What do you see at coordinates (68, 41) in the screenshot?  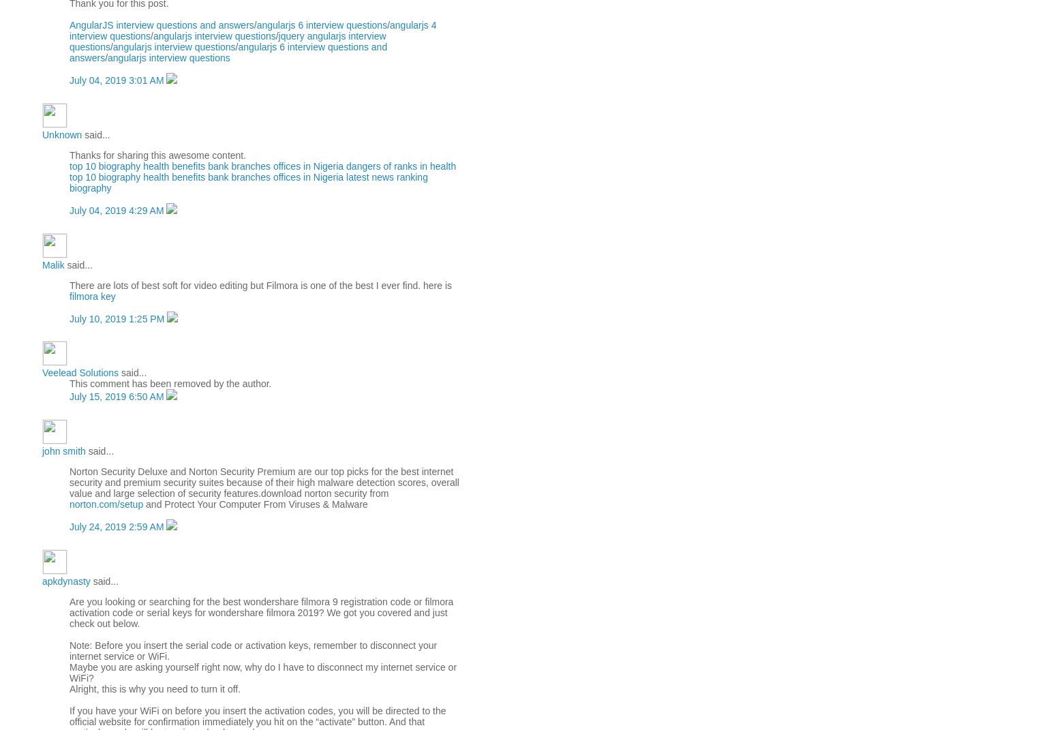 I see `'jquery angularjs interview questions'` at bounding box center [68, 41].